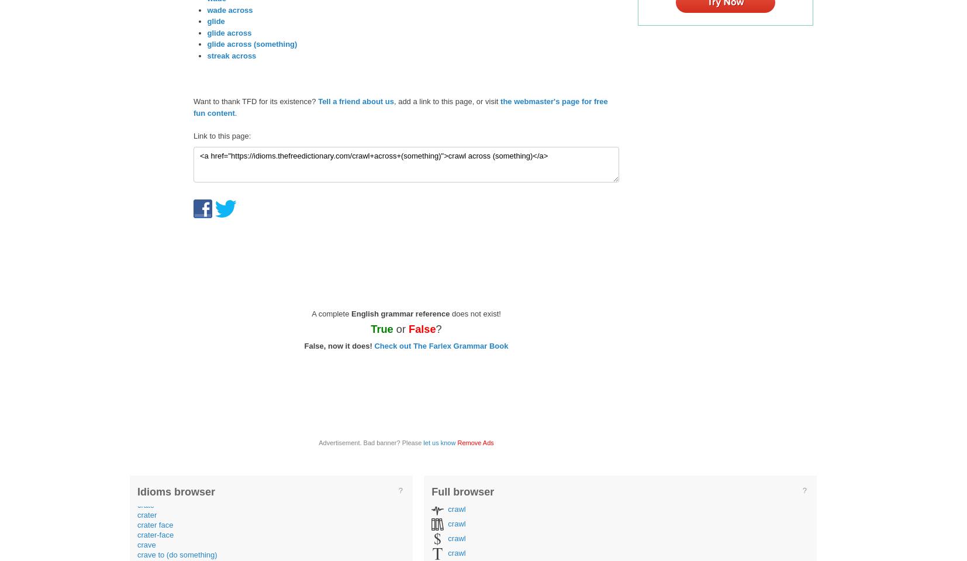 The height and width of the screenshot is (561, 967). What do you see at coordinates (206, 55) in the screenshot?
I see `'streak across'` at bounding box center [206, 55].